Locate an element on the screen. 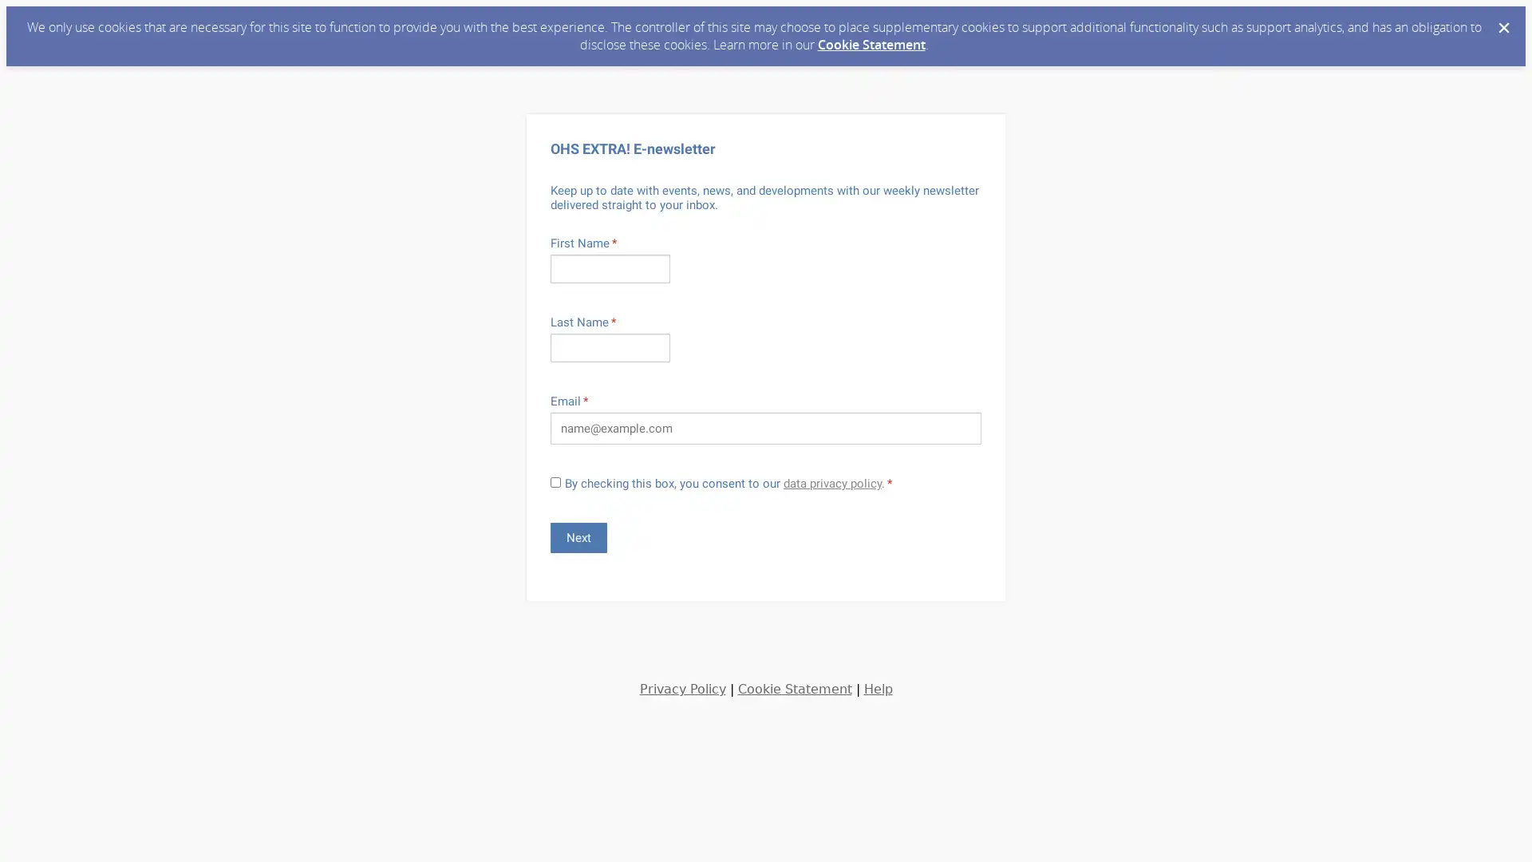 The image size is (1532, 862). Dismiss Cookie Message is located at coordinates (1503, 27).